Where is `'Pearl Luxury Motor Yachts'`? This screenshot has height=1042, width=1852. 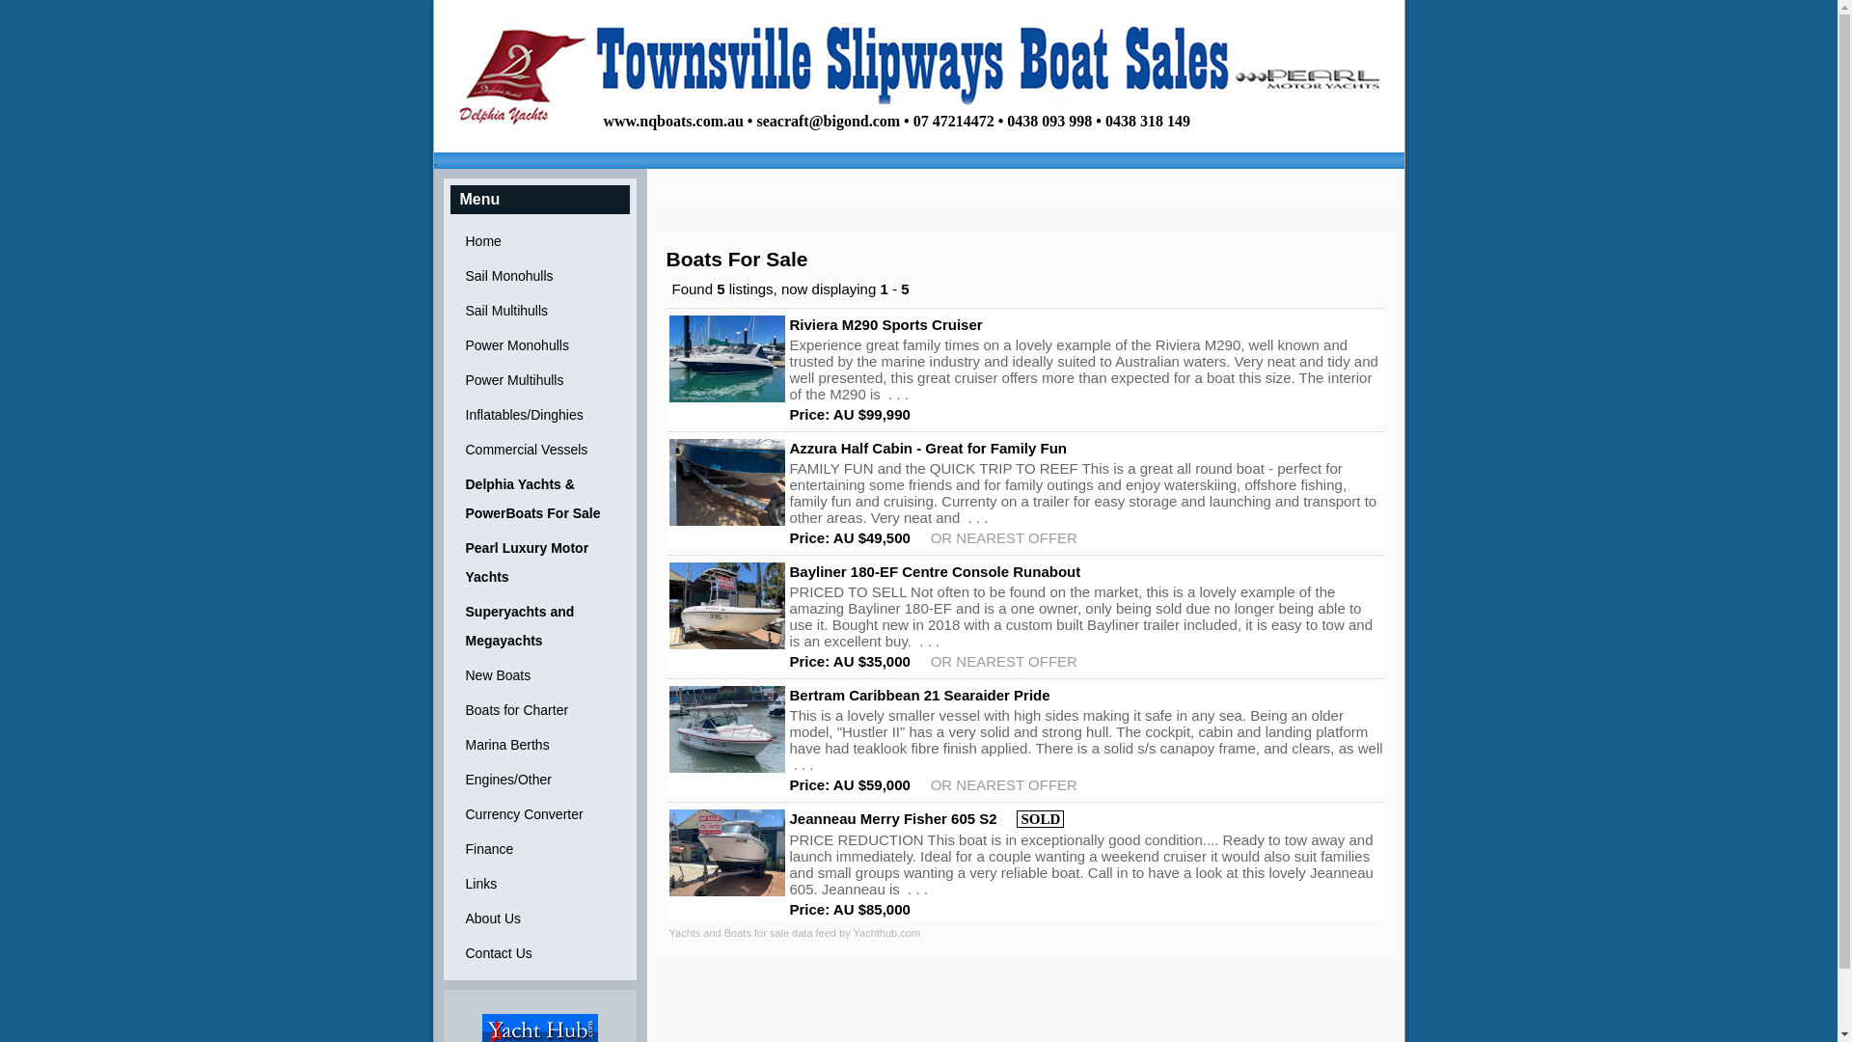
'Pearl Luxury Motor Yachts' is located at coordinates (453, 562).